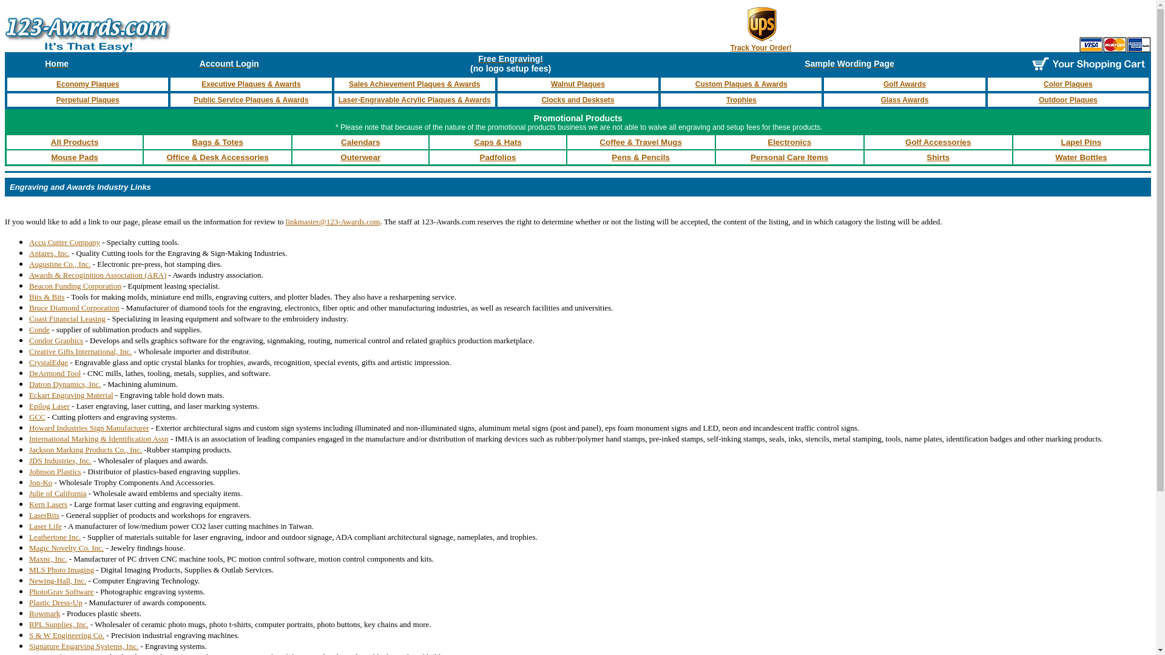 The height and width of the screenshot is (655, 1165). What do you see at coordinates (49, 406) in the screenshot?
I see `'Epilog Laser'` at bounding box center [49, 406].